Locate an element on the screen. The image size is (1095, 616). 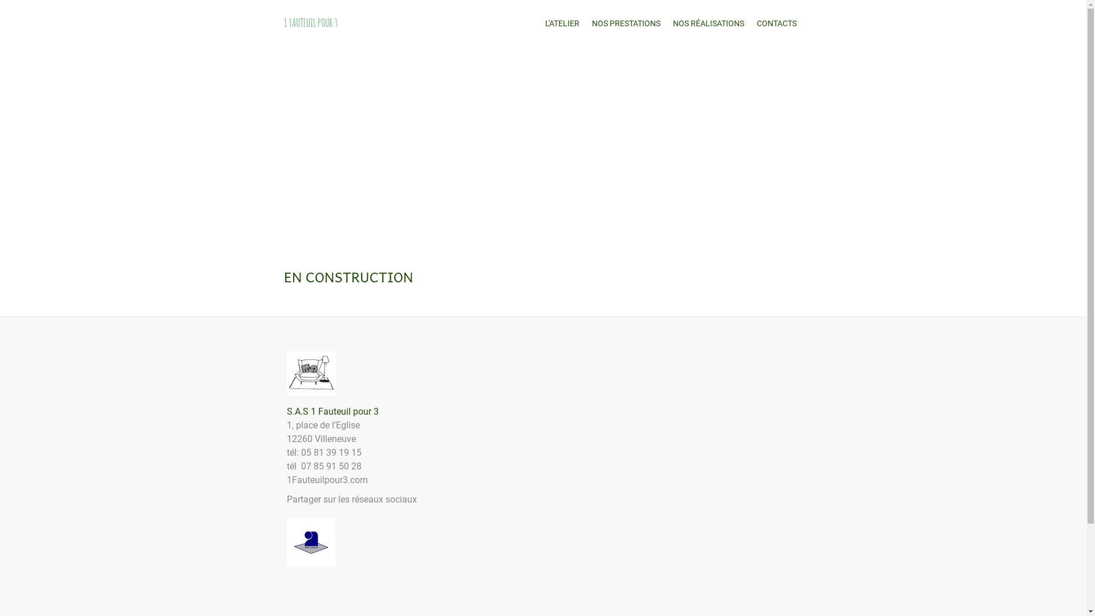
'L'ATELIER' is located at coordinates (561, 23).